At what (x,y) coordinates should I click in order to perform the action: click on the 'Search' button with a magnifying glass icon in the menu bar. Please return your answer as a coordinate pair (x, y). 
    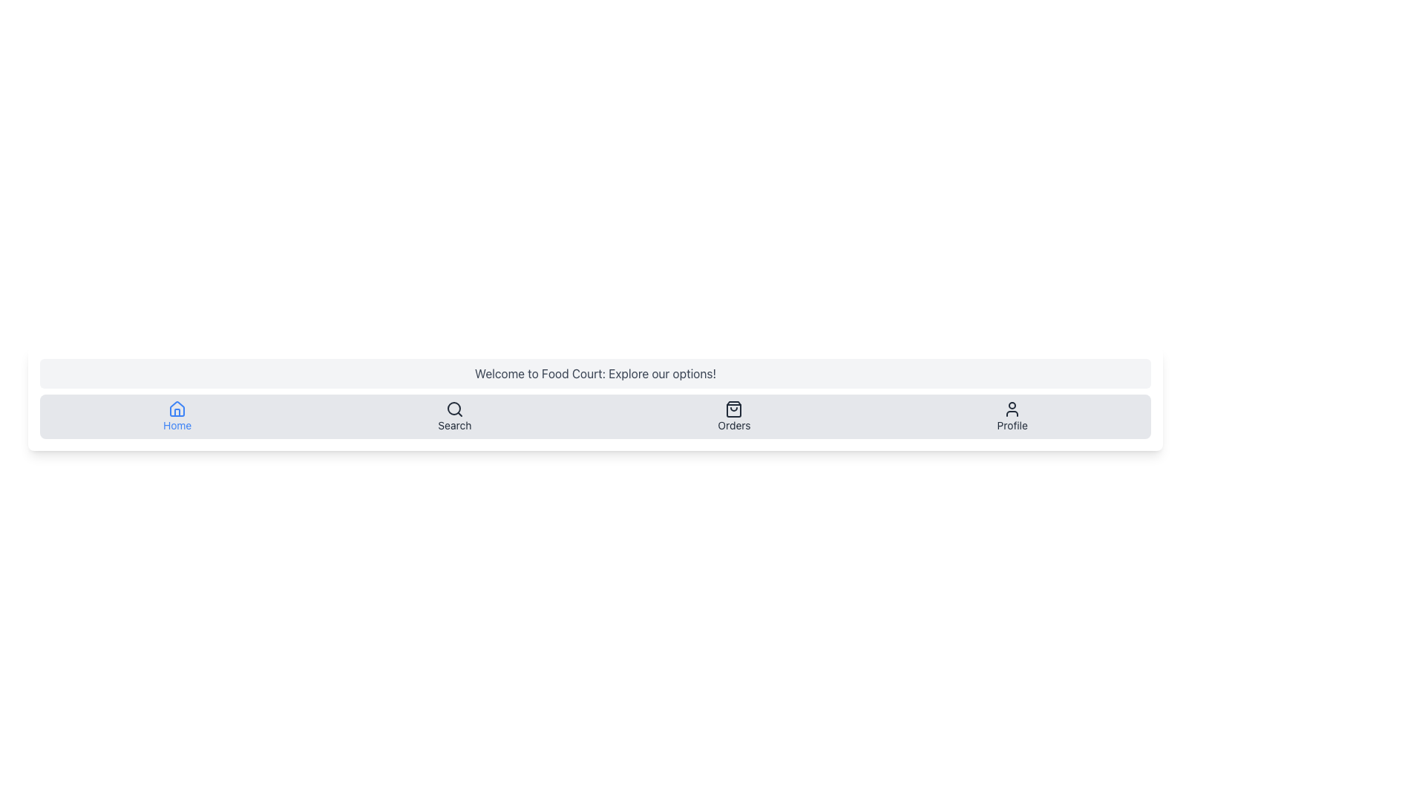
    Looking at the image, I should click on (453, 417).